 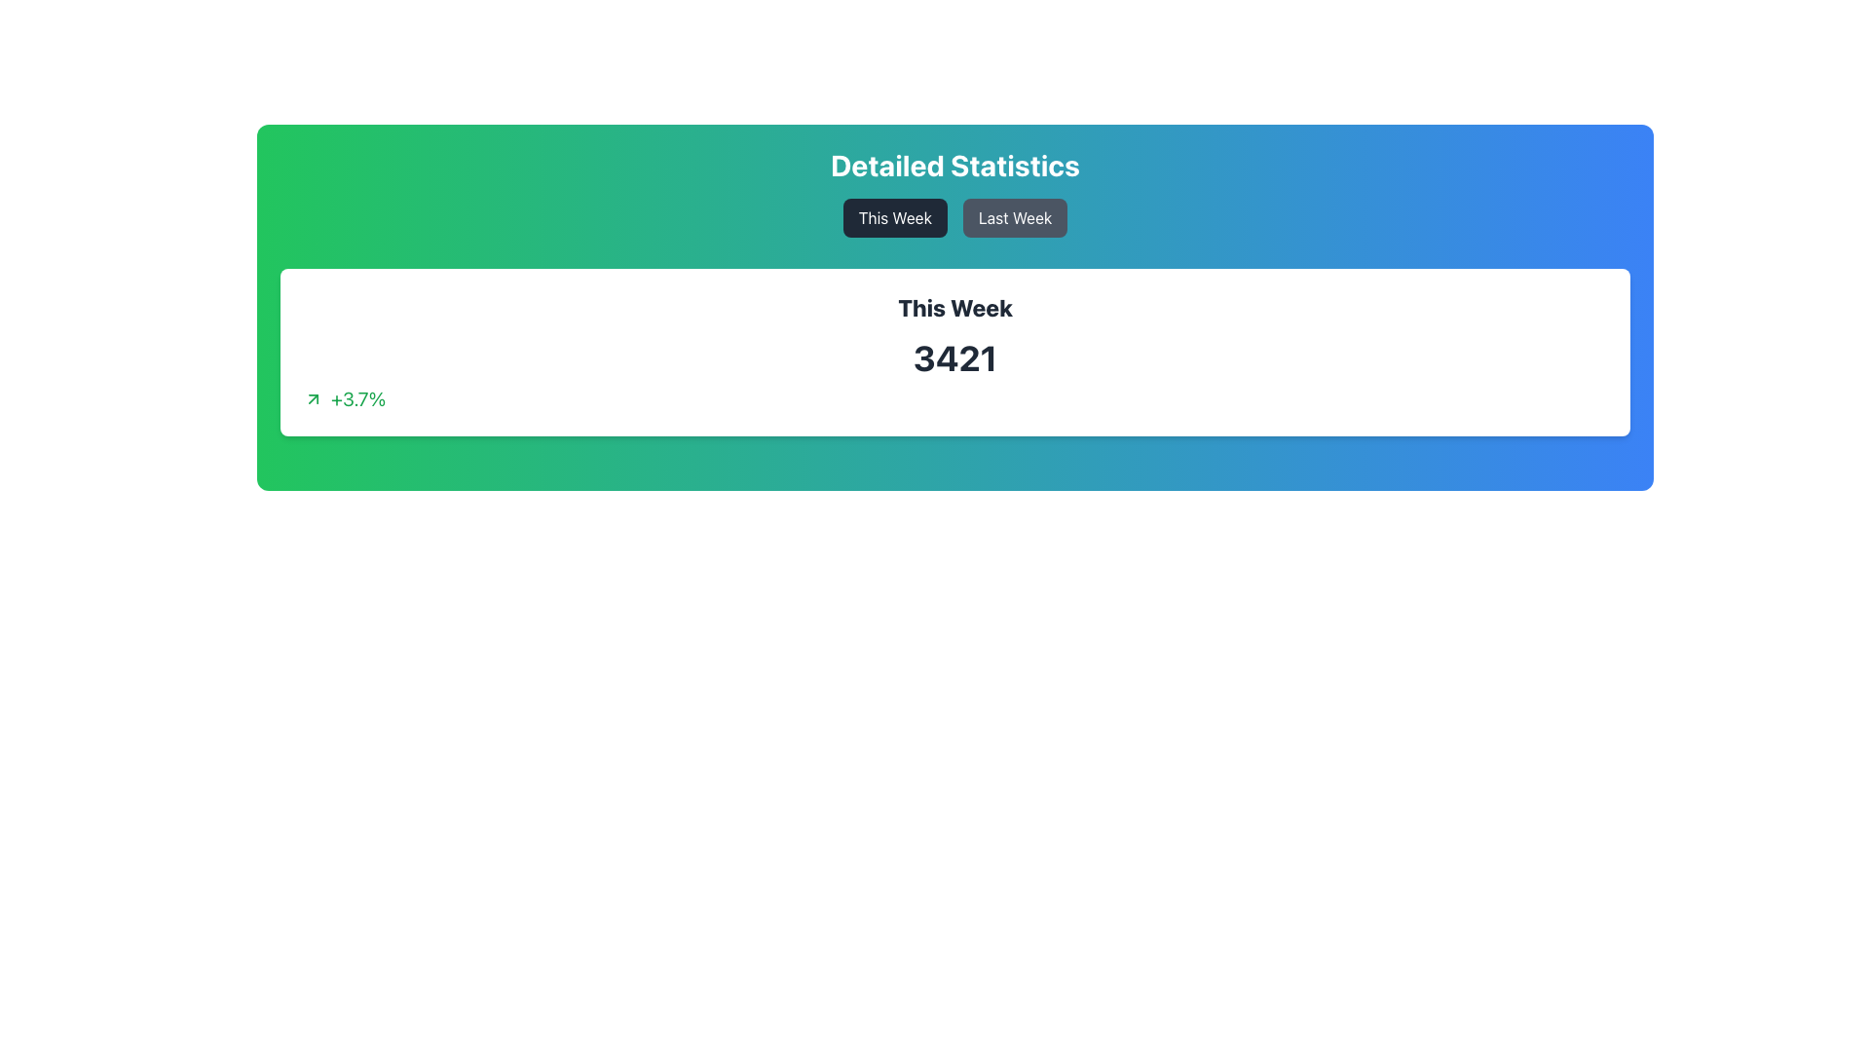 What do you see at coordinates (894, 217) in the screenshot?
I see `the first button in the horizontal list that filters the displayed data` at bounding box center [894, 217].